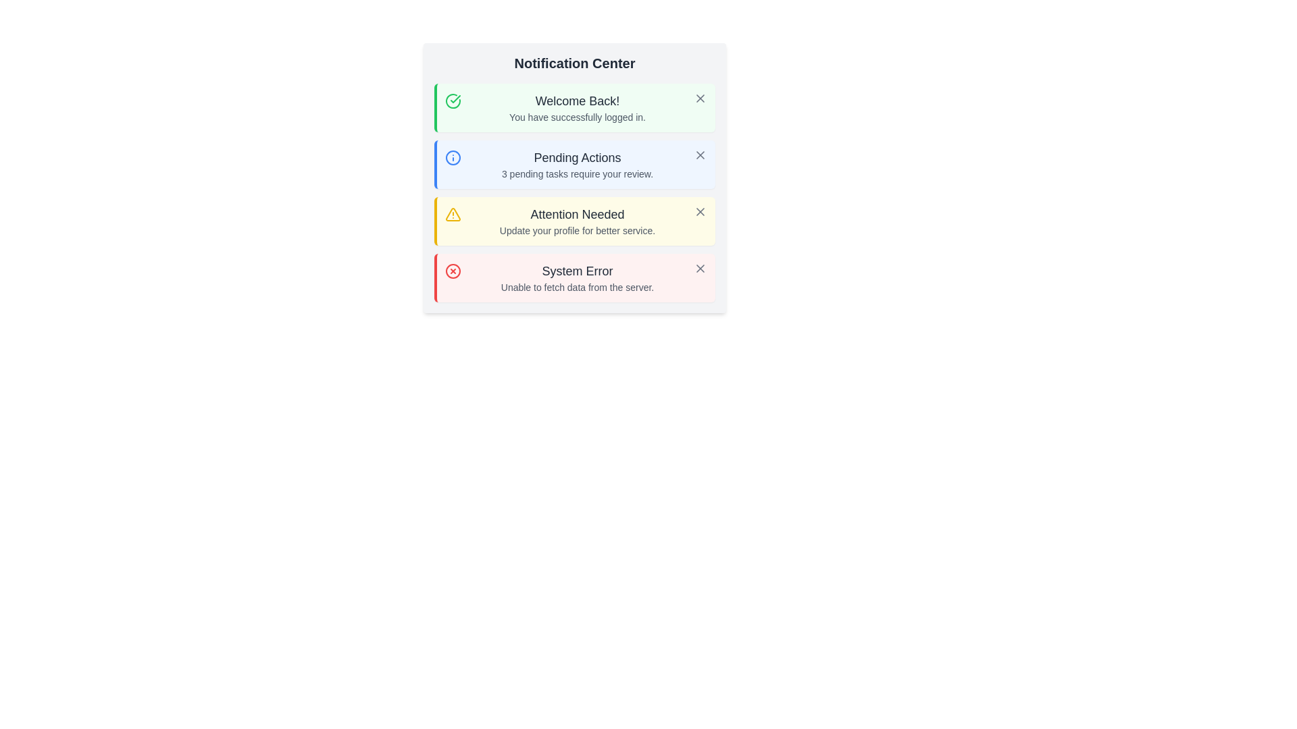  I want to click on the warning indicator icon located in the third section of the notification list, to the left of the heading text 'Attention Needed', which is styled with a yellow background, so click(453, 213).